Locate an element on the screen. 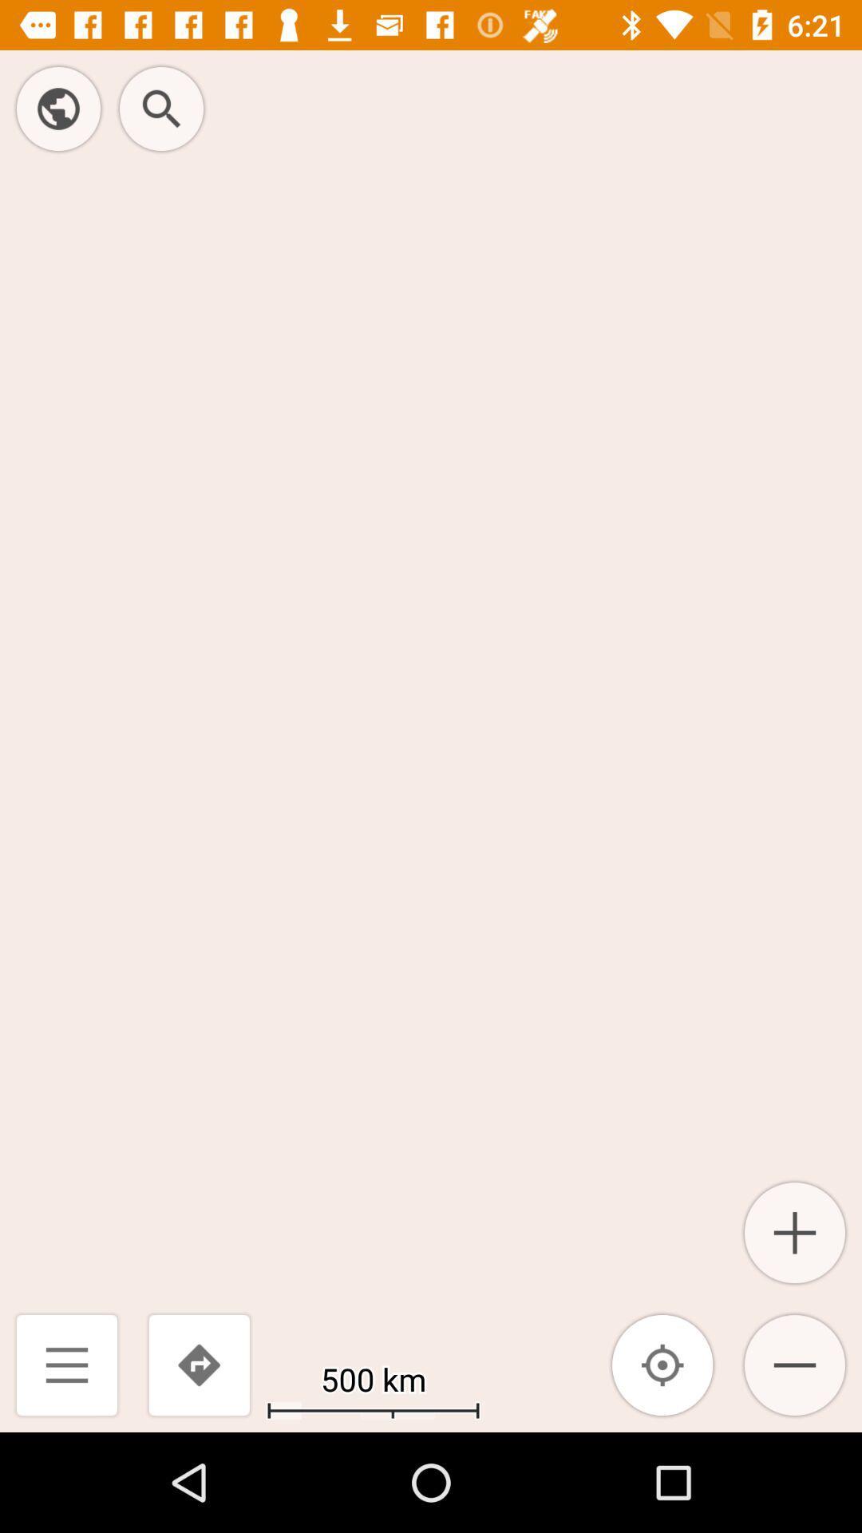 The height and width of the screenshot is (1533, 862). the globe icon is located at coordinates (57, 108).